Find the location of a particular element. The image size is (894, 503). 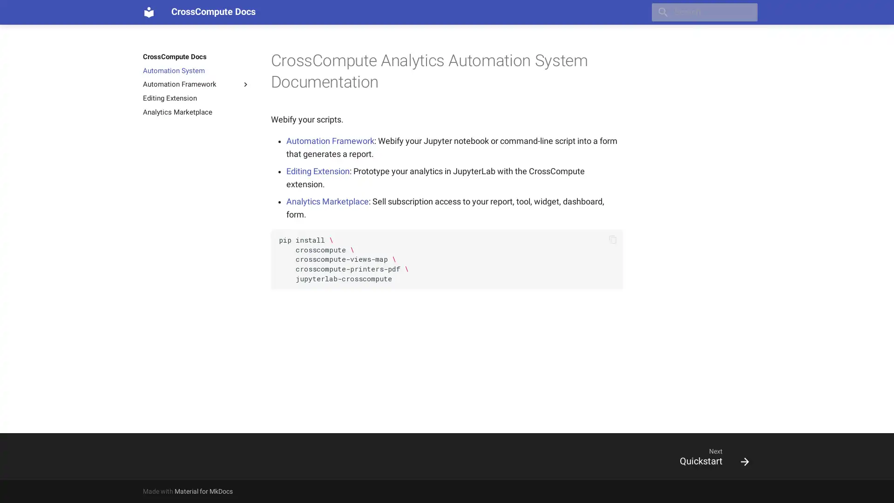

Copy to clipboard is located at coordinates (612, 239).